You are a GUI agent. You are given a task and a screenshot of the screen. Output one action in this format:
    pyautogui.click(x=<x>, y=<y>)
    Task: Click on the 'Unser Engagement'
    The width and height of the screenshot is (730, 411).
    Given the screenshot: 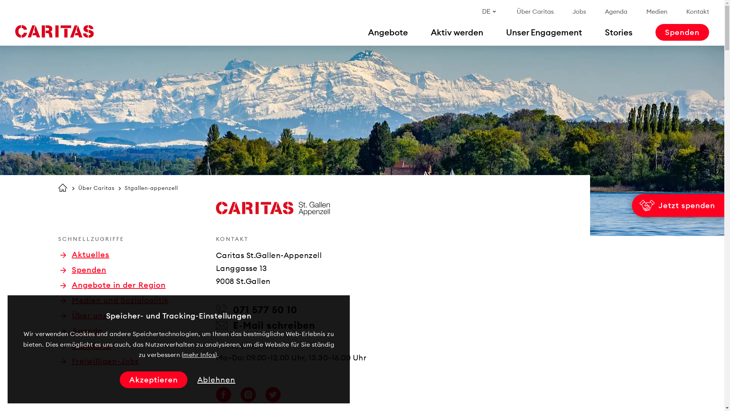 What is the action you would take?
    pyautogui.click(x=543, y=32)
    